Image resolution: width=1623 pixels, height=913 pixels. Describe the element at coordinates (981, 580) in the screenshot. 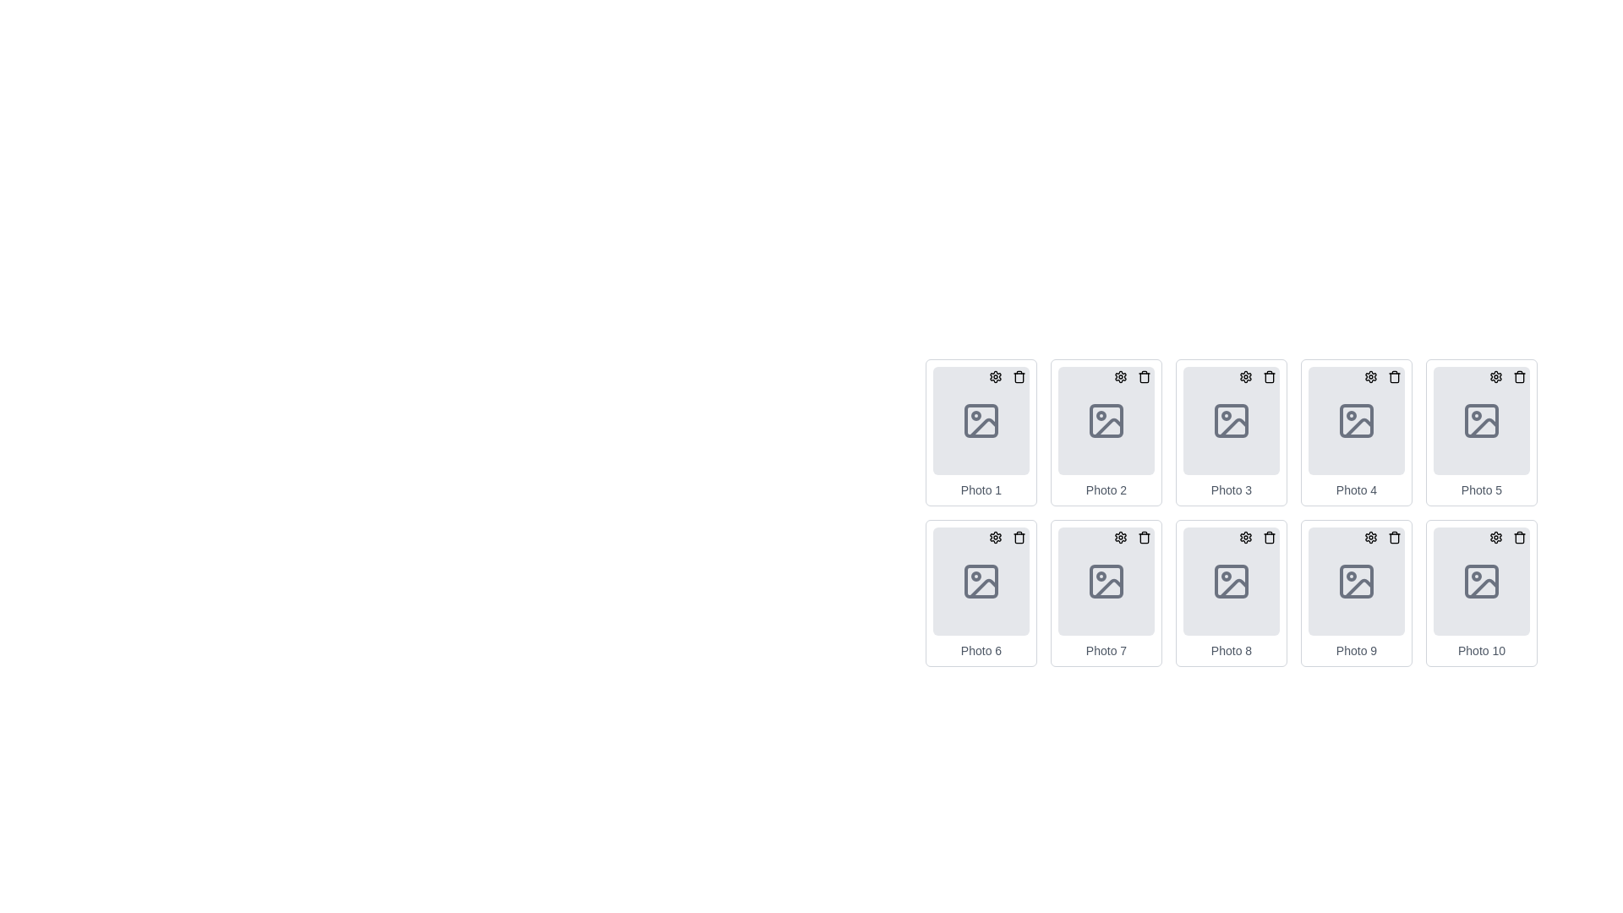

I see `the Image Placeholder located in the grid layout below the label 'Photo 6'` at that location.